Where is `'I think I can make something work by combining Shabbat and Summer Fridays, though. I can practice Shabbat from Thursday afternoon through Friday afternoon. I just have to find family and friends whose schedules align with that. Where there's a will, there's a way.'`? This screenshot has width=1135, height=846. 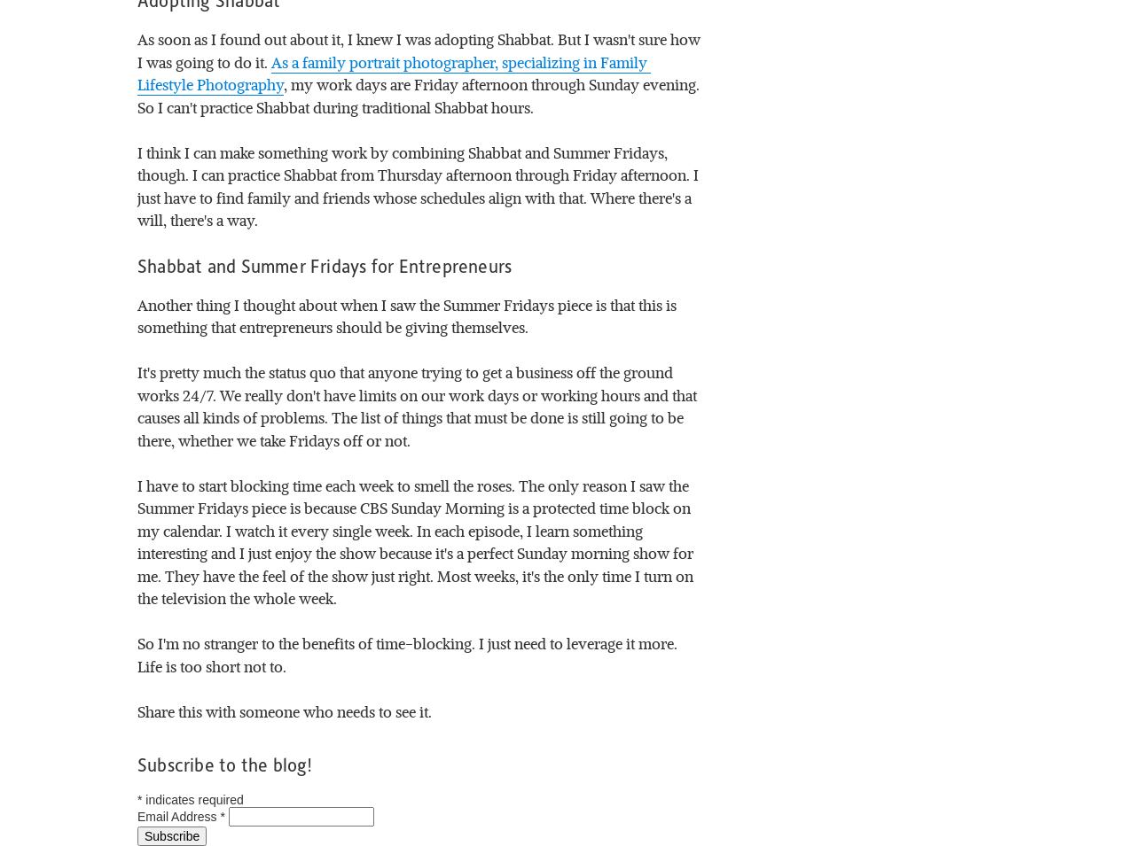
'I think I can make something work by combining Shabbat and Summer Fridays, though. I can practice Shabbat from Thursday afternoon through Friday afternoon. I just have to find family and friends whose schedules align with that. Where there's a will, there's a way.' is located at coordinates (419, 186).